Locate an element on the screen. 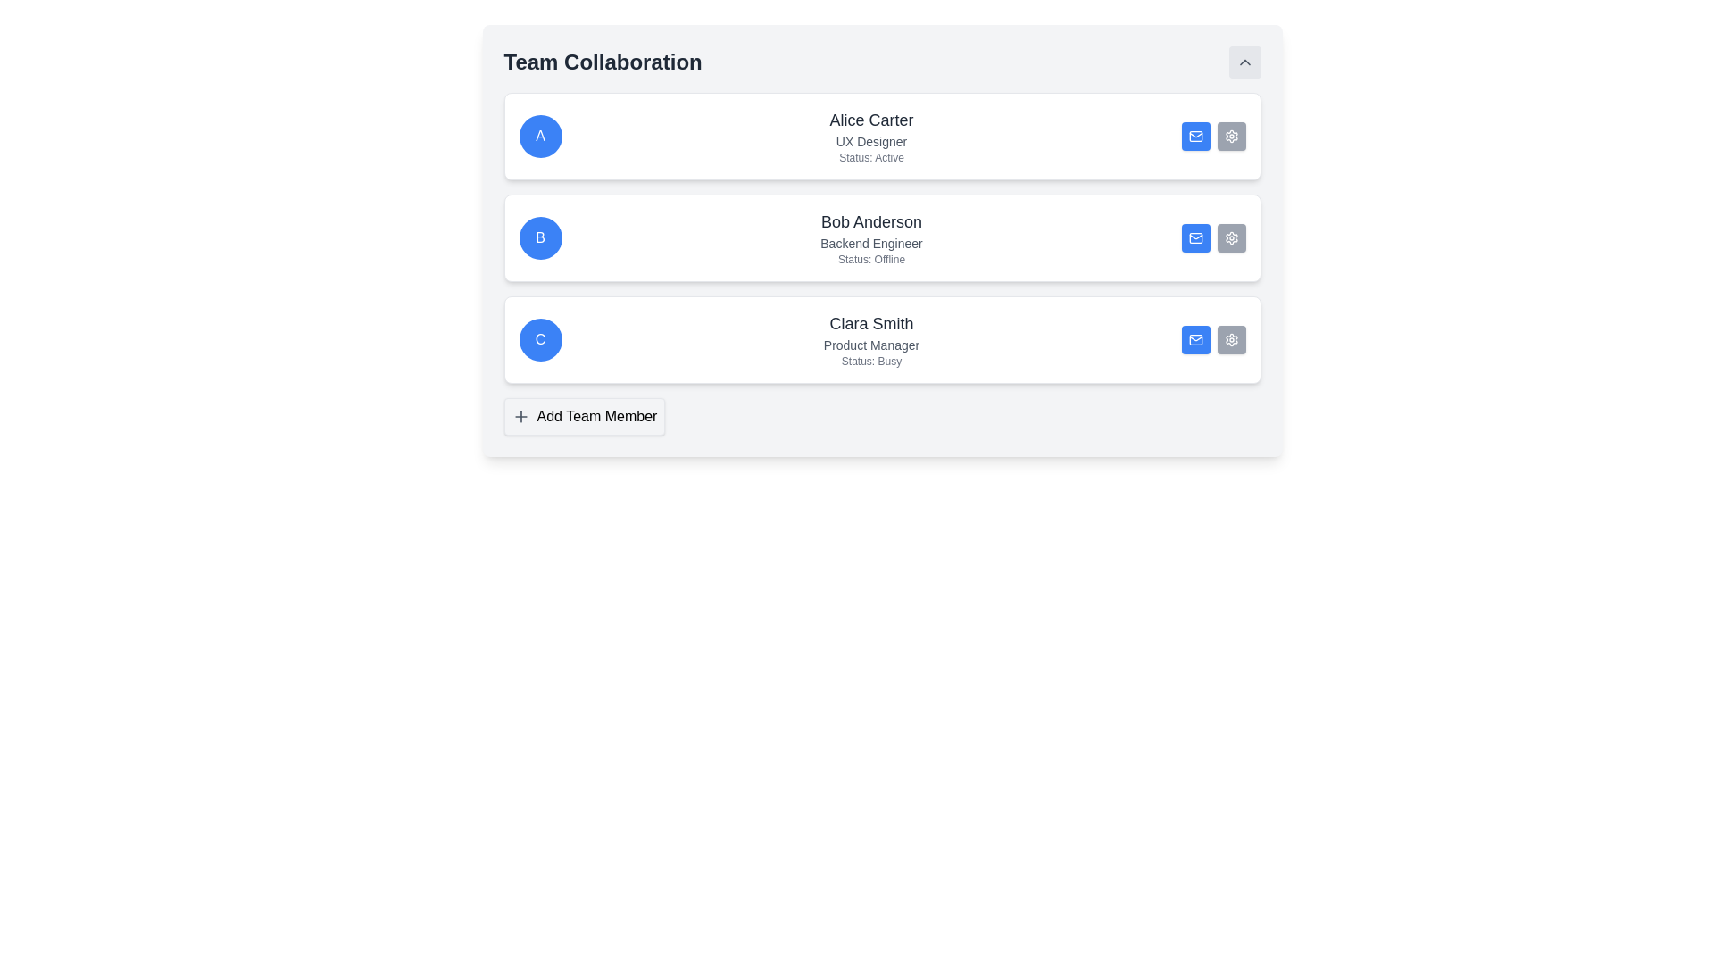 Image resolution: width=1714 pixels, height=964 pixels. the gray button in the Button Group for Clara Smith, which is located to the right of her name and details is located at coordinates (1213, 340).